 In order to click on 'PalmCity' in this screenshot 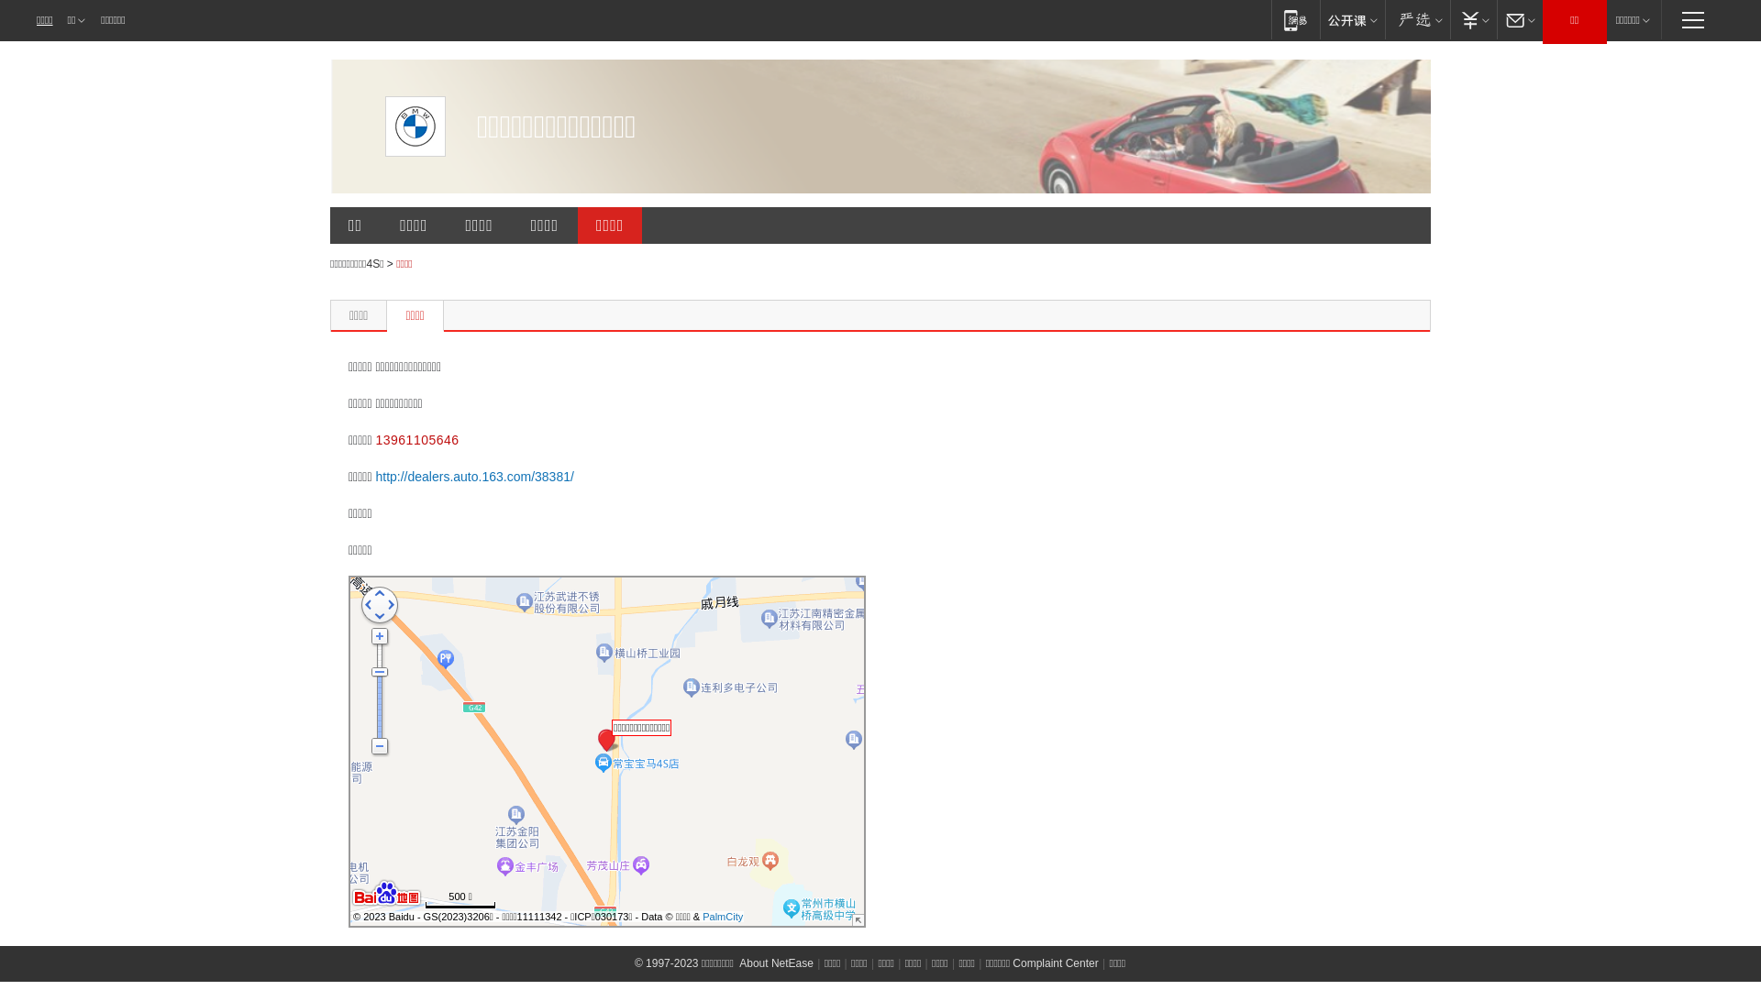, I will do `click(721, 916)`.